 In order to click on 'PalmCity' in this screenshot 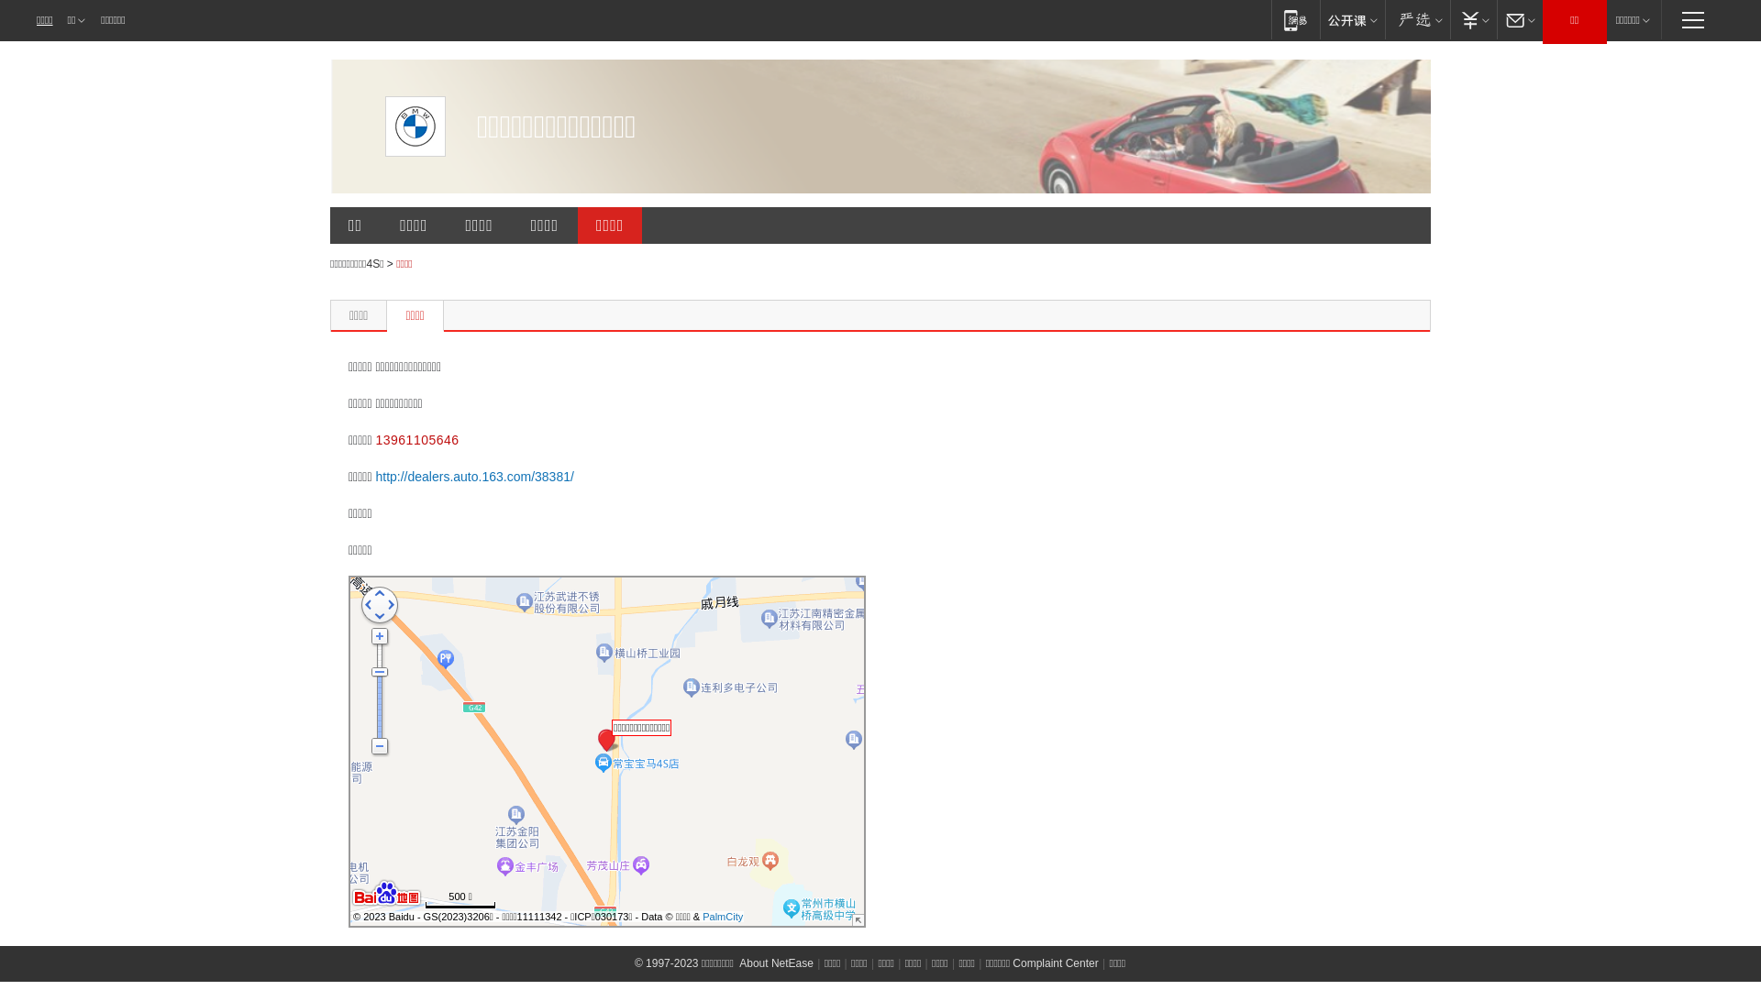, I will do `click(721, 916)`.